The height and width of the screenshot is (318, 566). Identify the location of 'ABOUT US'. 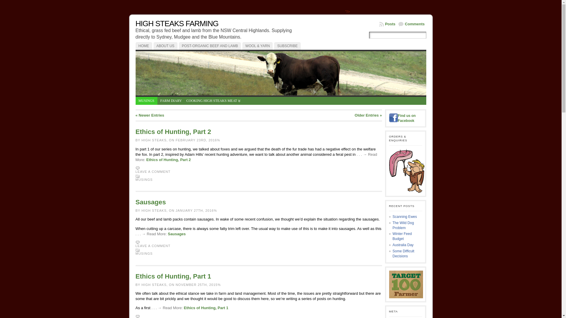
(165, 45).